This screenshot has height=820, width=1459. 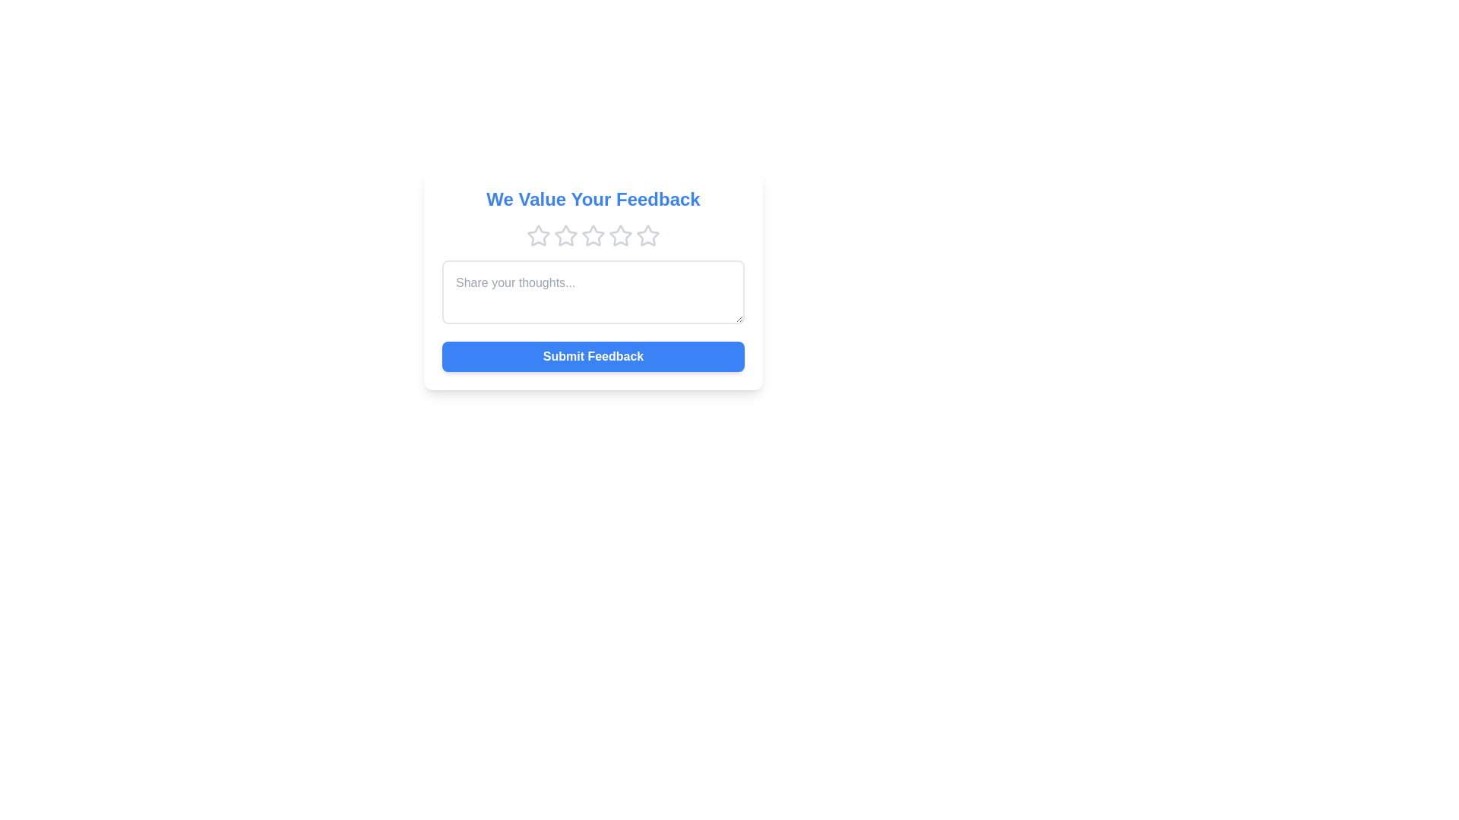 What do you see at coordinates (648, 236) in the screenshot?
I see `the star corresponding to the desired rating 5` at bounding box center [648, 236].